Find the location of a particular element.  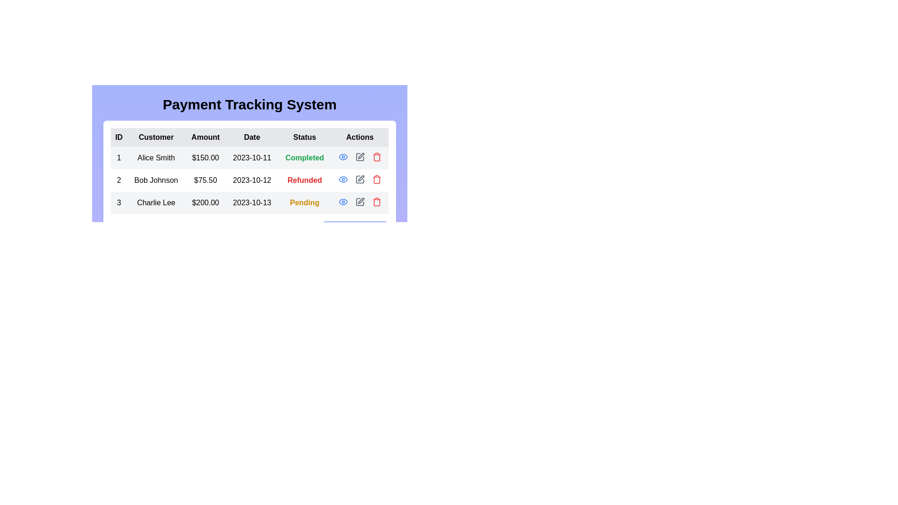

the text display showing '$75.50' in the 'Amount' column of the payment tracking table, which is located between 'Bob Johnson' and '2023-10-12' is located at coordinates (205, 180).